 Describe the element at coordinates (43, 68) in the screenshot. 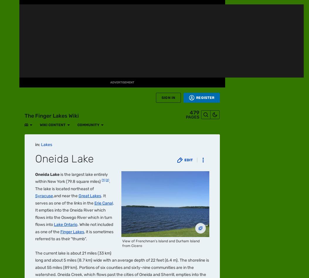

I see `'2'` at that location.